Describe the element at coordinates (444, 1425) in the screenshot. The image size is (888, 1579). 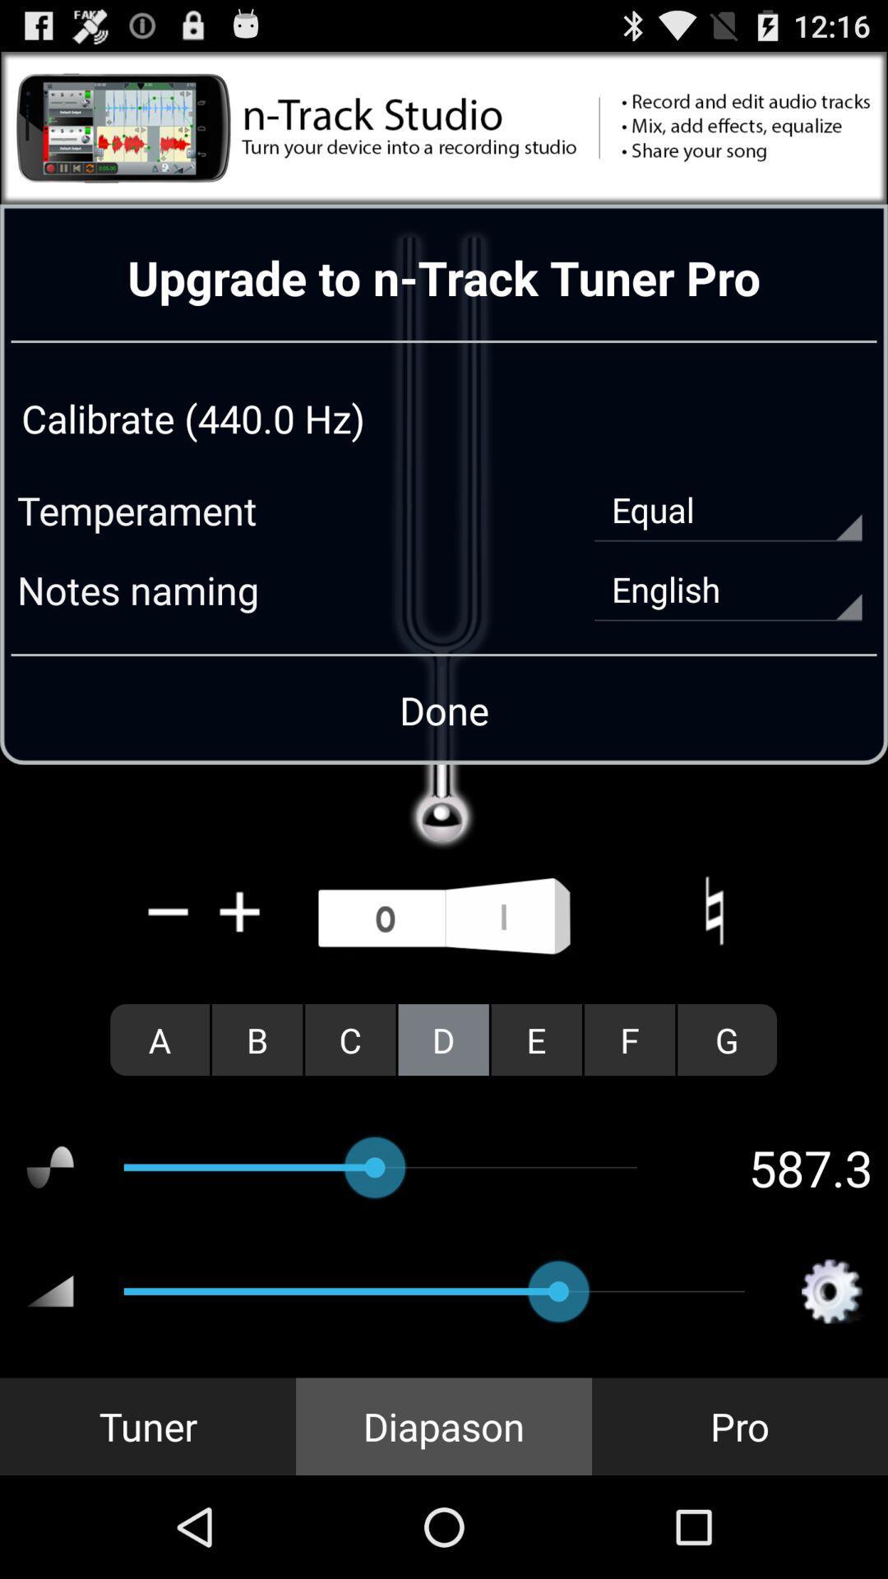
I see `diapason` at that location.